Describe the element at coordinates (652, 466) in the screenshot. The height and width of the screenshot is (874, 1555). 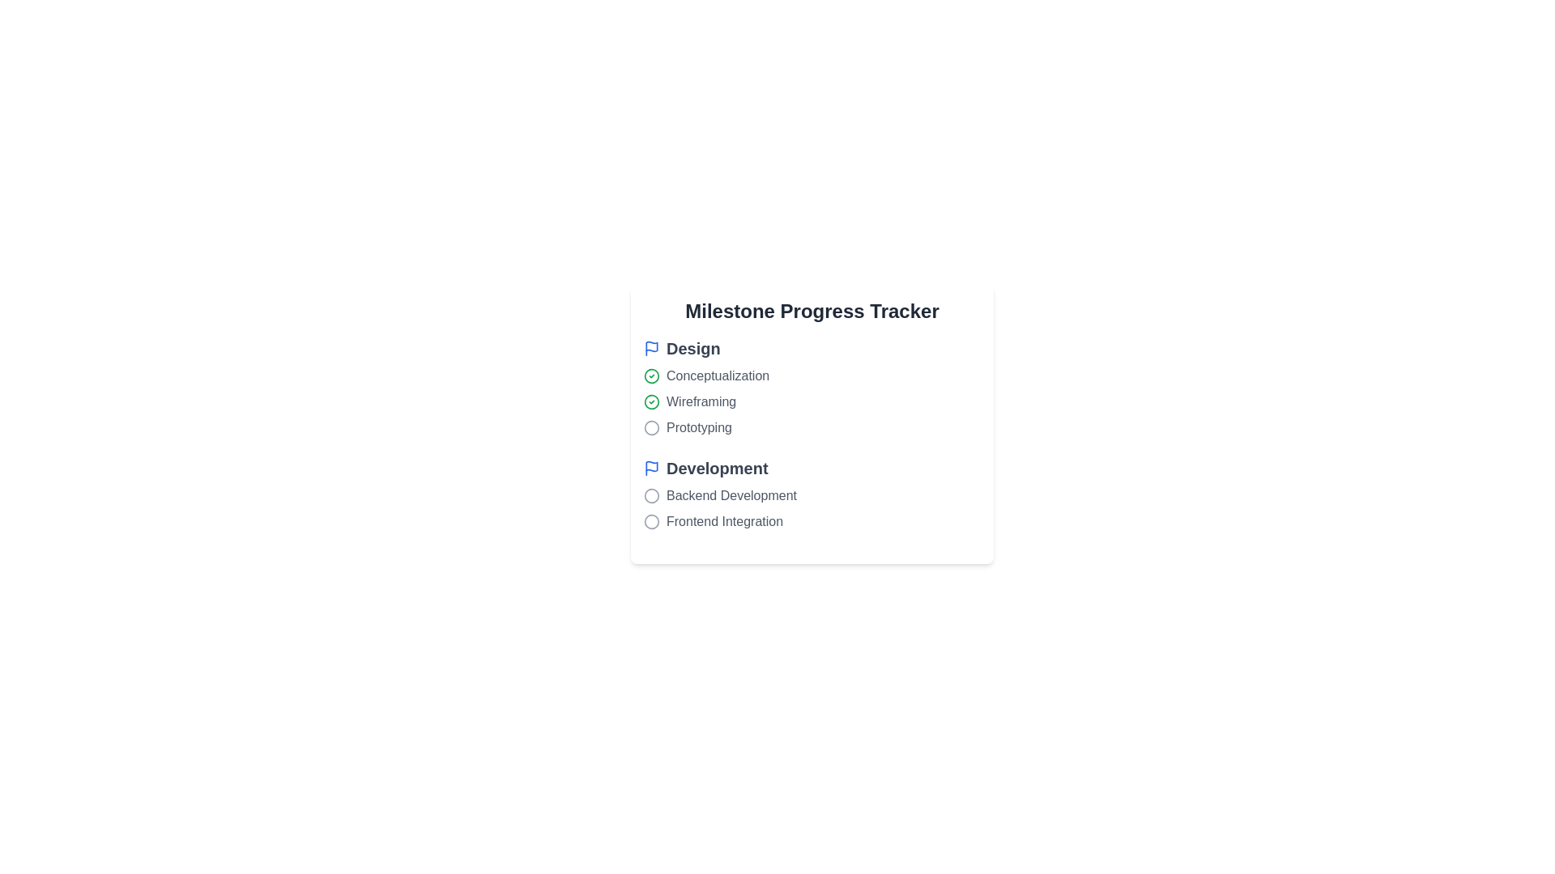
I see `the blue wavy flag icon located to the left of the 'Development' text` at that location.